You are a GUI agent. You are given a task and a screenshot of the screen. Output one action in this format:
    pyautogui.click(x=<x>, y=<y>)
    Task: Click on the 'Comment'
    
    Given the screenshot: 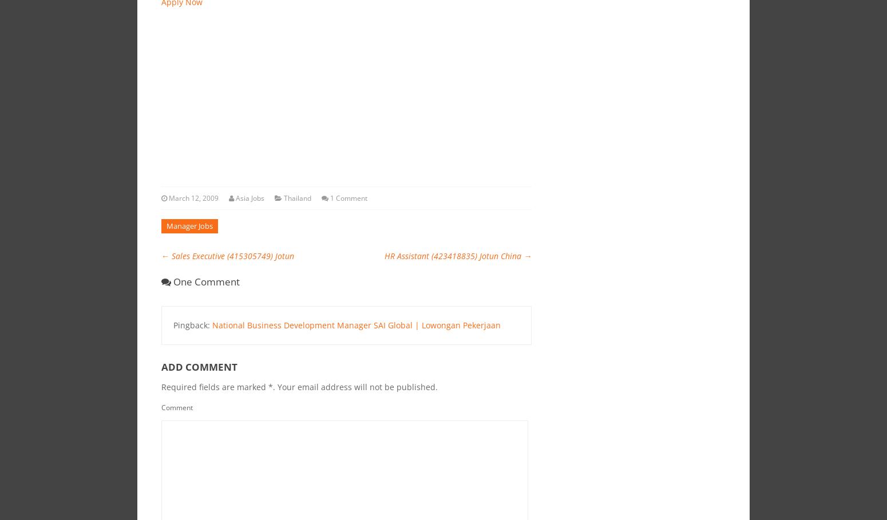 What is the action you would take?
    pyautogui.click(x=176, y=406)
    